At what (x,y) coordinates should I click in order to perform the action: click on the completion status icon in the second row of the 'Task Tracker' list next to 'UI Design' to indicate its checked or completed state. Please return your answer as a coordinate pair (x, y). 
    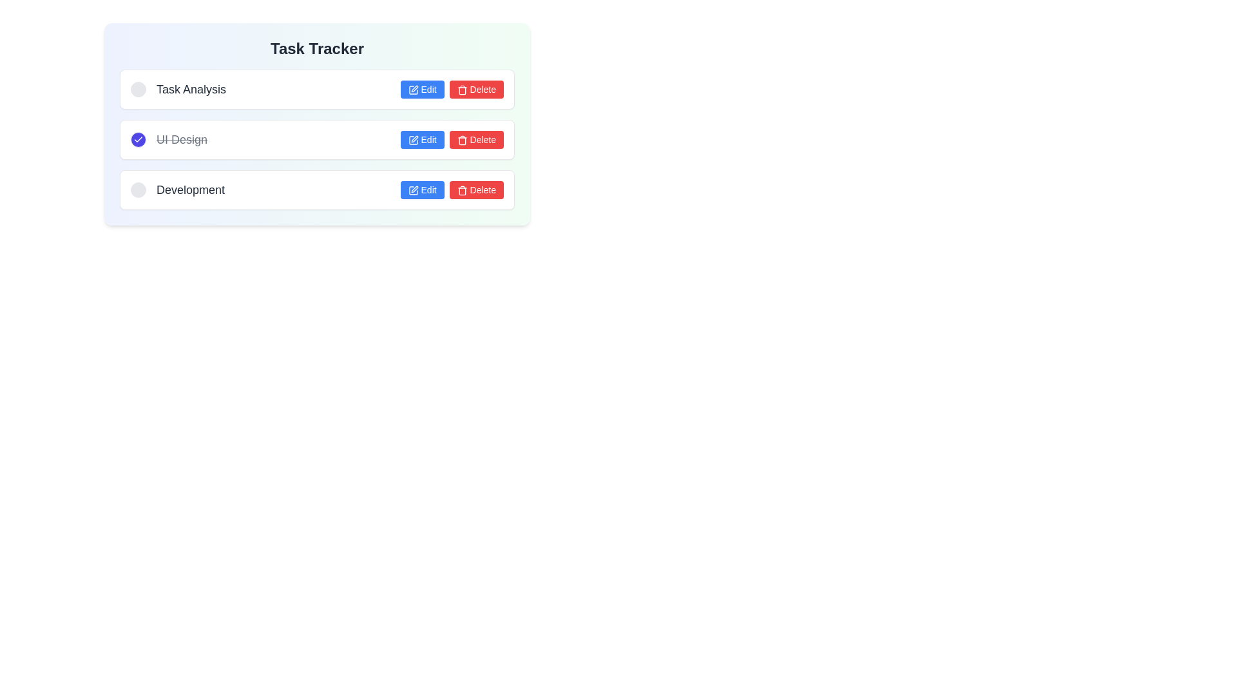
    Looking at the image, I should click on (139, 139).